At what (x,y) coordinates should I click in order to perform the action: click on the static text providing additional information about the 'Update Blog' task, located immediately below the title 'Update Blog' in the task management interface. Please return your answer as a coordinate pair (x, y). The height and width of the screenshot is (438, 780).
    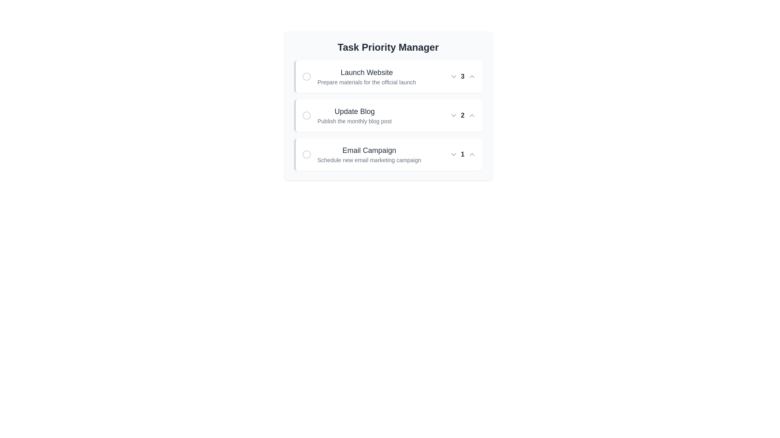
    Looking at the image, I should click on (355, 121).